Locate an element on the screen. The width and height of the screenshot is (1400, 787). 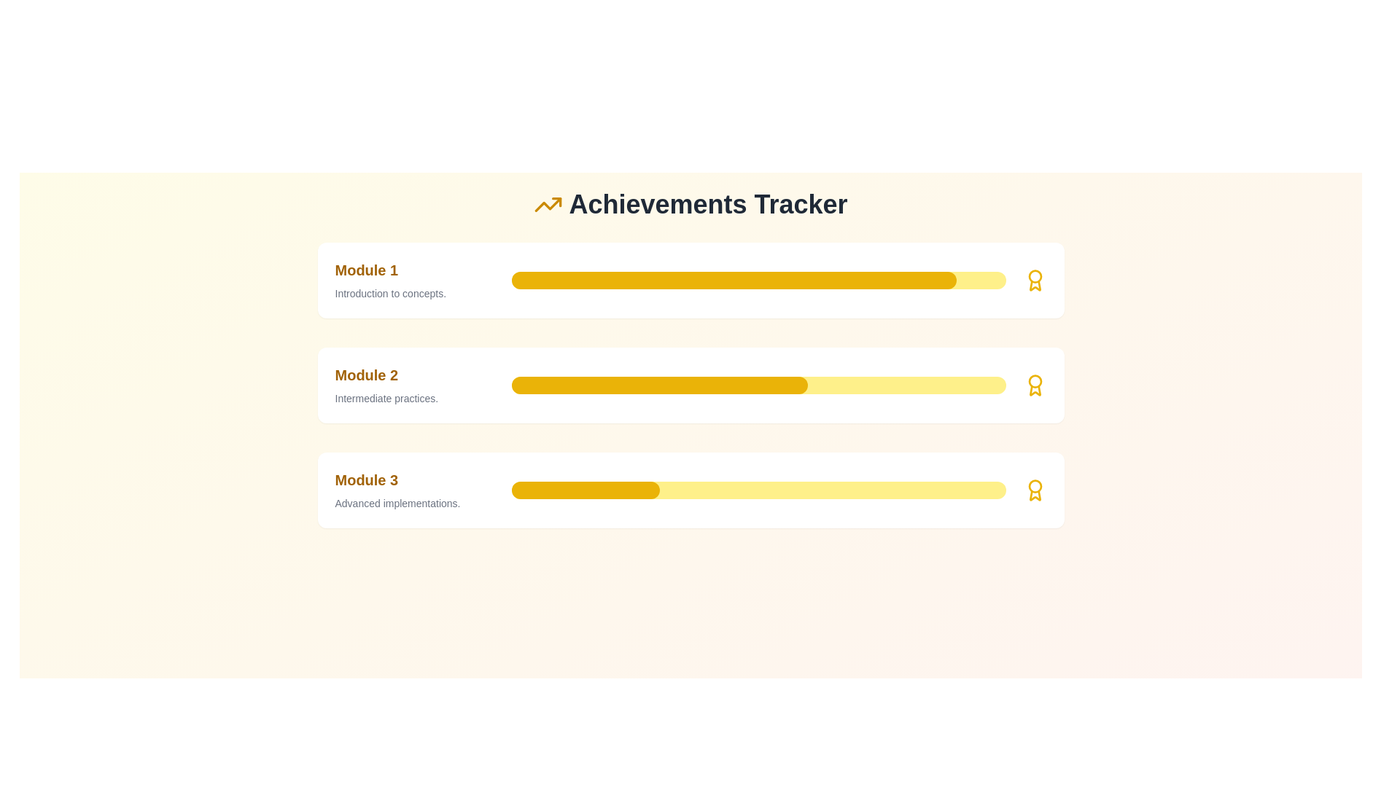
the progress bar indicating the current progress for 'Module 1' with a light yellow background and a bright yellow segment is located at coordinates (758, 281).